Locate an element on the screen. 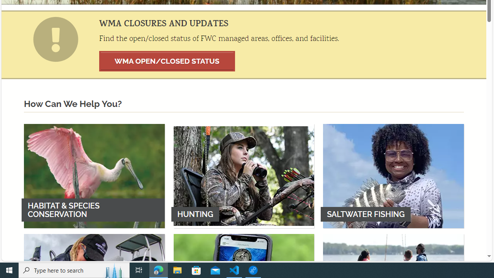 This screenshot has height=278, width=494. 'WMA OPEN/CLOSED STATUS' is located at coordinates (167, 61).